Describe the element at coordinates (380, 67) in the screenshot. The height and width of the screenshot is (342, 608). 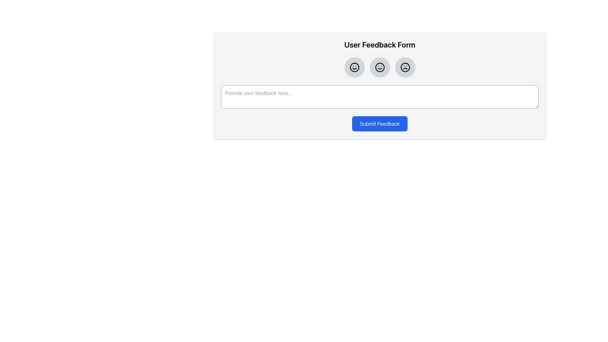
I see `the neutral feedback button, which is the second circular button between the happy and sad face buttons in the user feedback form` at that location.